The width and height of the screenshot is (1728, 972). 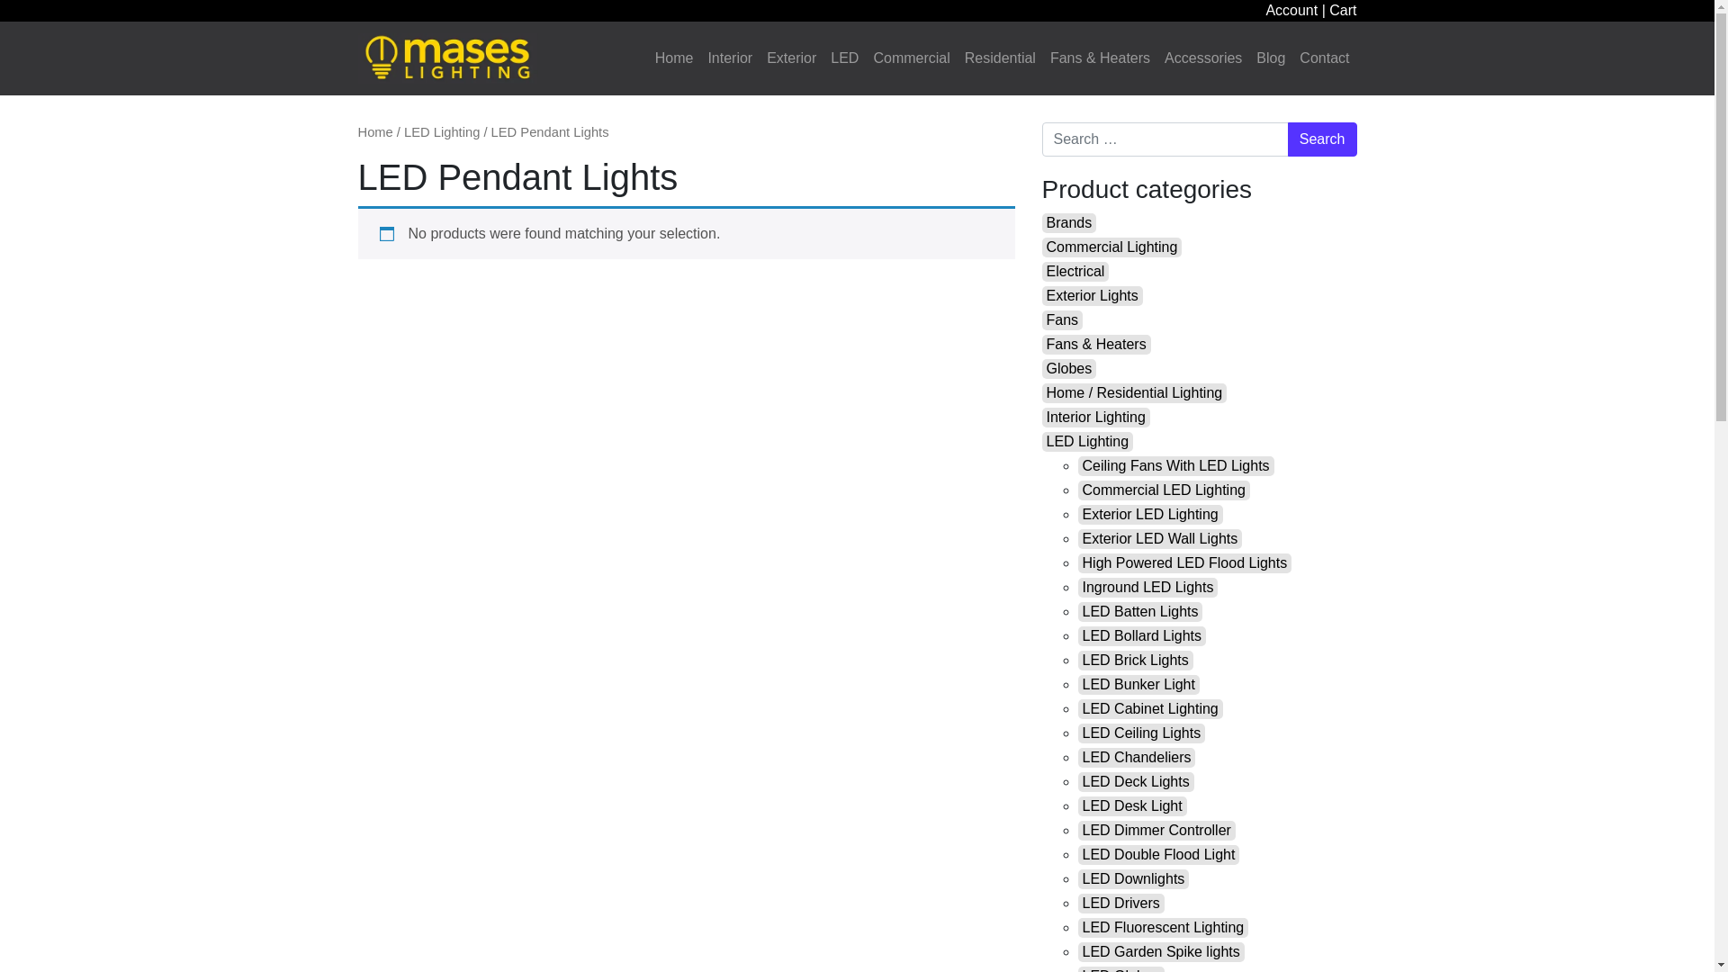 What do you see at coordinates (1291, 10) in the screenshot?
I see `'Account'` at bounding box center [1291, 10].